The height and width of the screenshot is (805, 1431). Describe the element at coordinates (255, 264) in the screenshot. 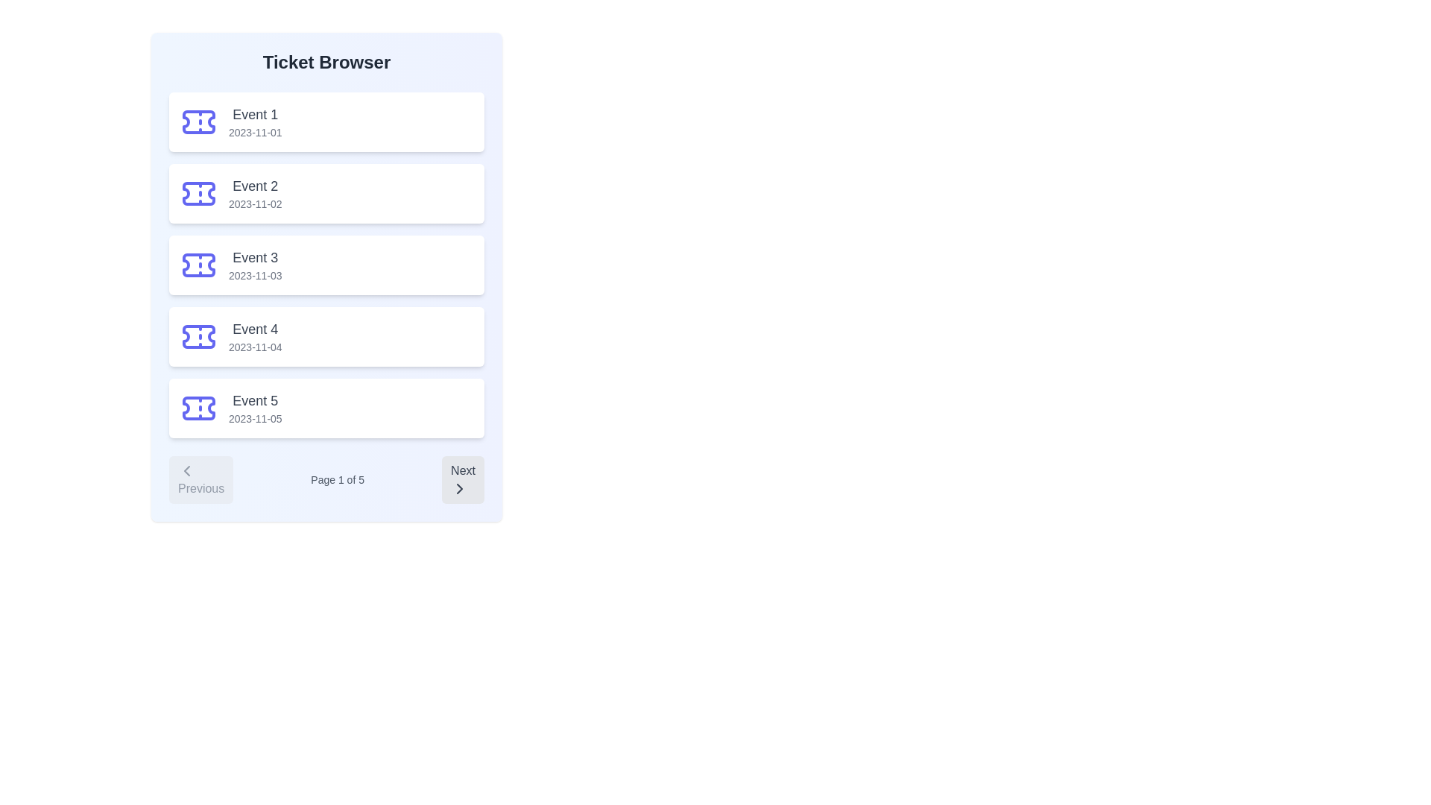

I see `the text block displaying 'Event 3' with the date '2023-11-03', which is the third item in a vertical list of events` at that location.